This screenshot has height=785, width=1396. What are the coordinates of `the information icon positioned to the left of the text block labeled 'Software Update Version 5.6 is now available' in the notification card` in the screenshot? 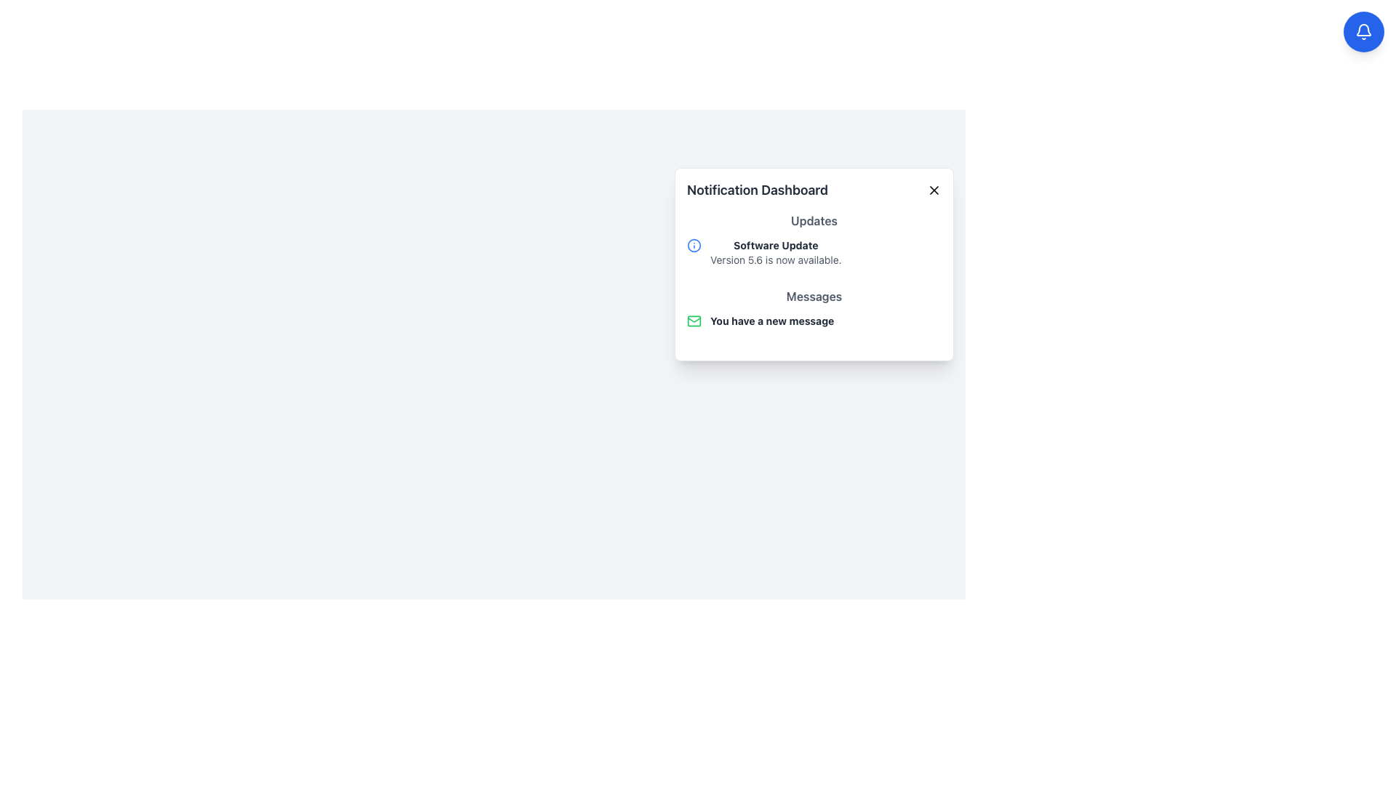 It's located at (694, 245).